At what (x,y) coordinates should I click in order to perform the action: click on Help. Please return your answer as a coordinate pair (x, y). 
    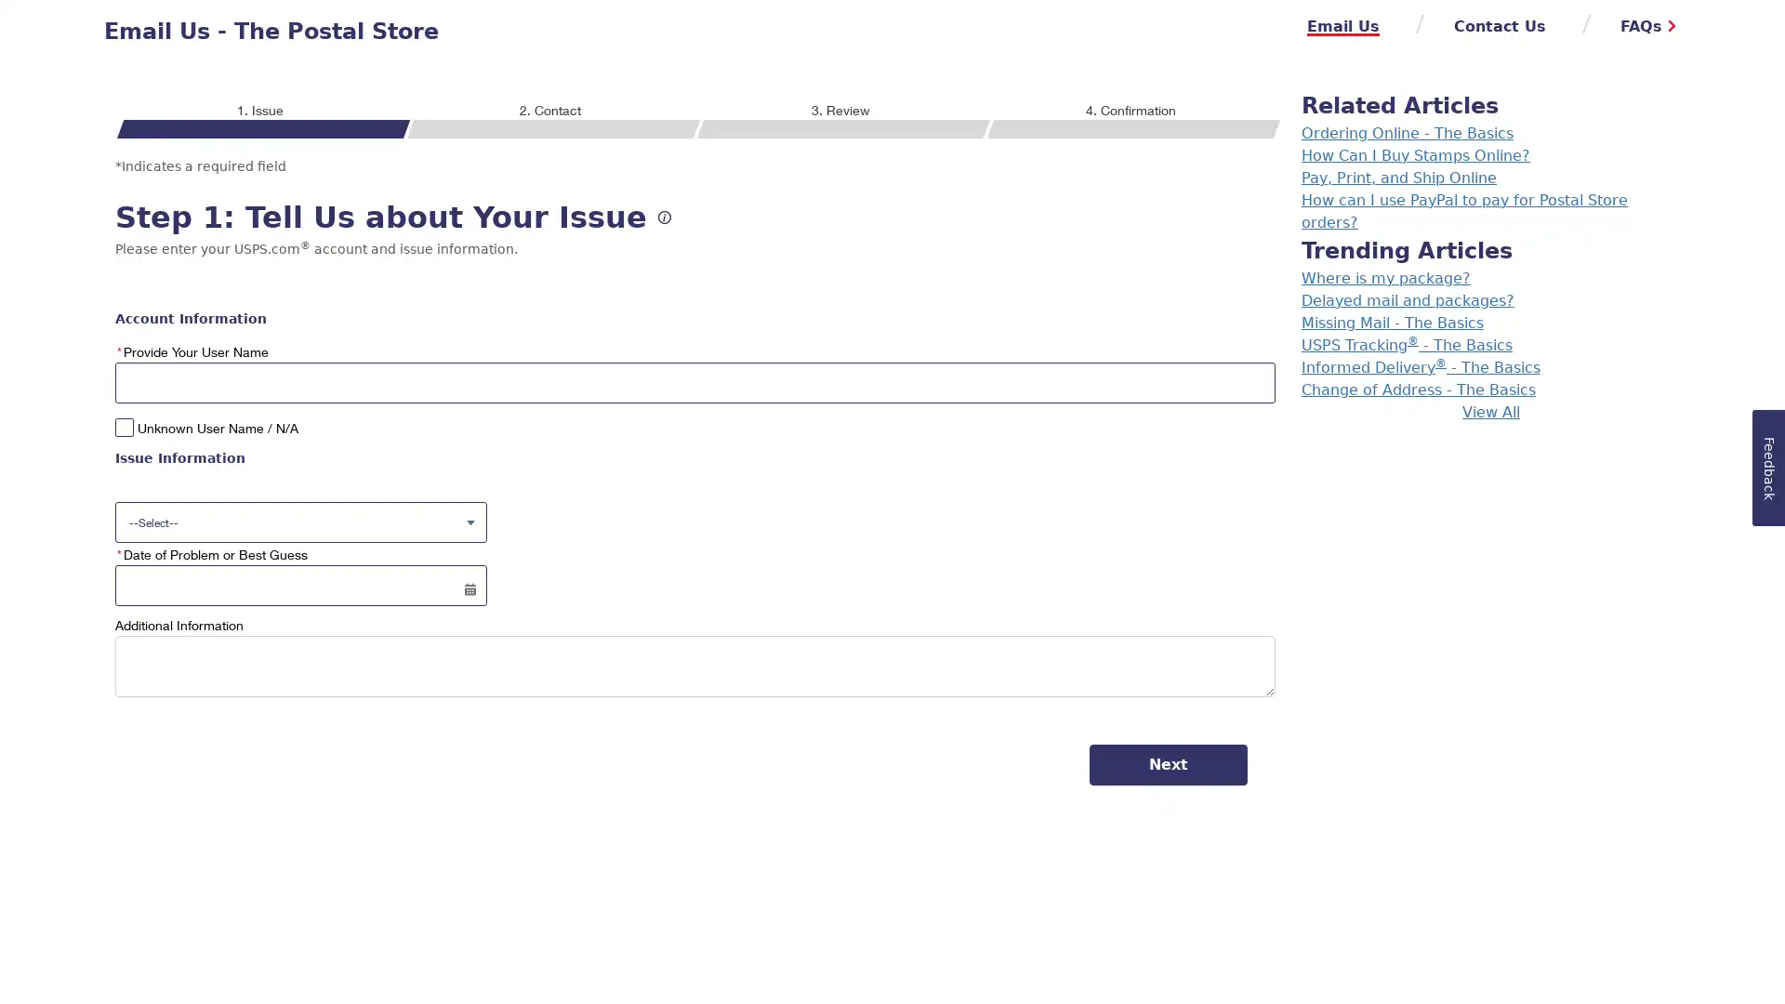
    Looking at the image, I should click on (661, 214).